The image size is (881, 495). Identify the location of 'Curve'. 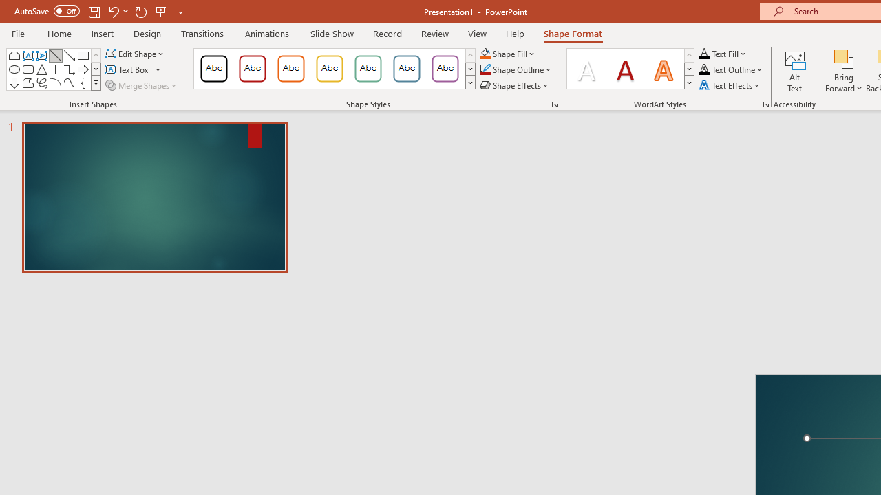
(69, 82).